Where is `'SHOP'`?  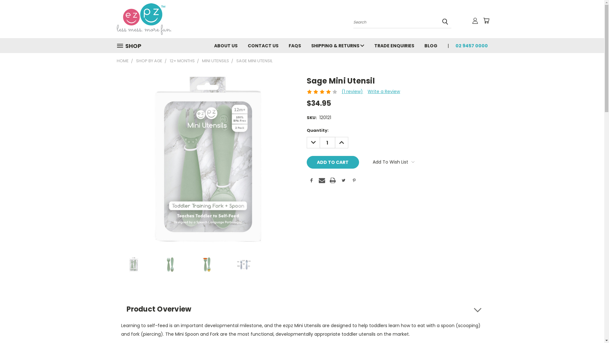 'SHOP' is located at coordinates (131, 45).